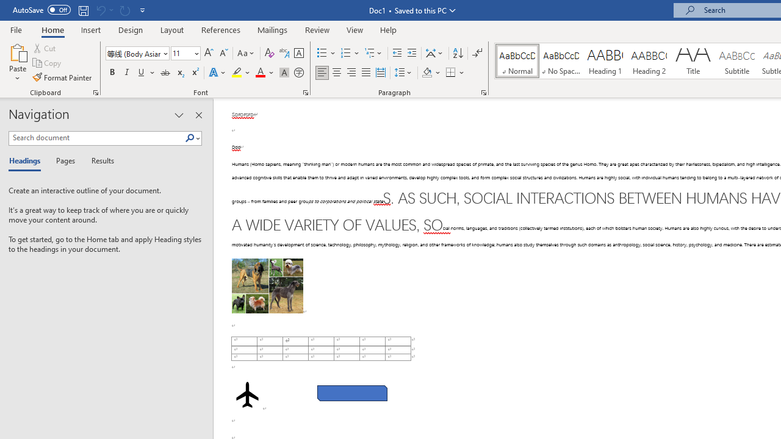  I want to click on 'Font Color Red', so click(259, 73).